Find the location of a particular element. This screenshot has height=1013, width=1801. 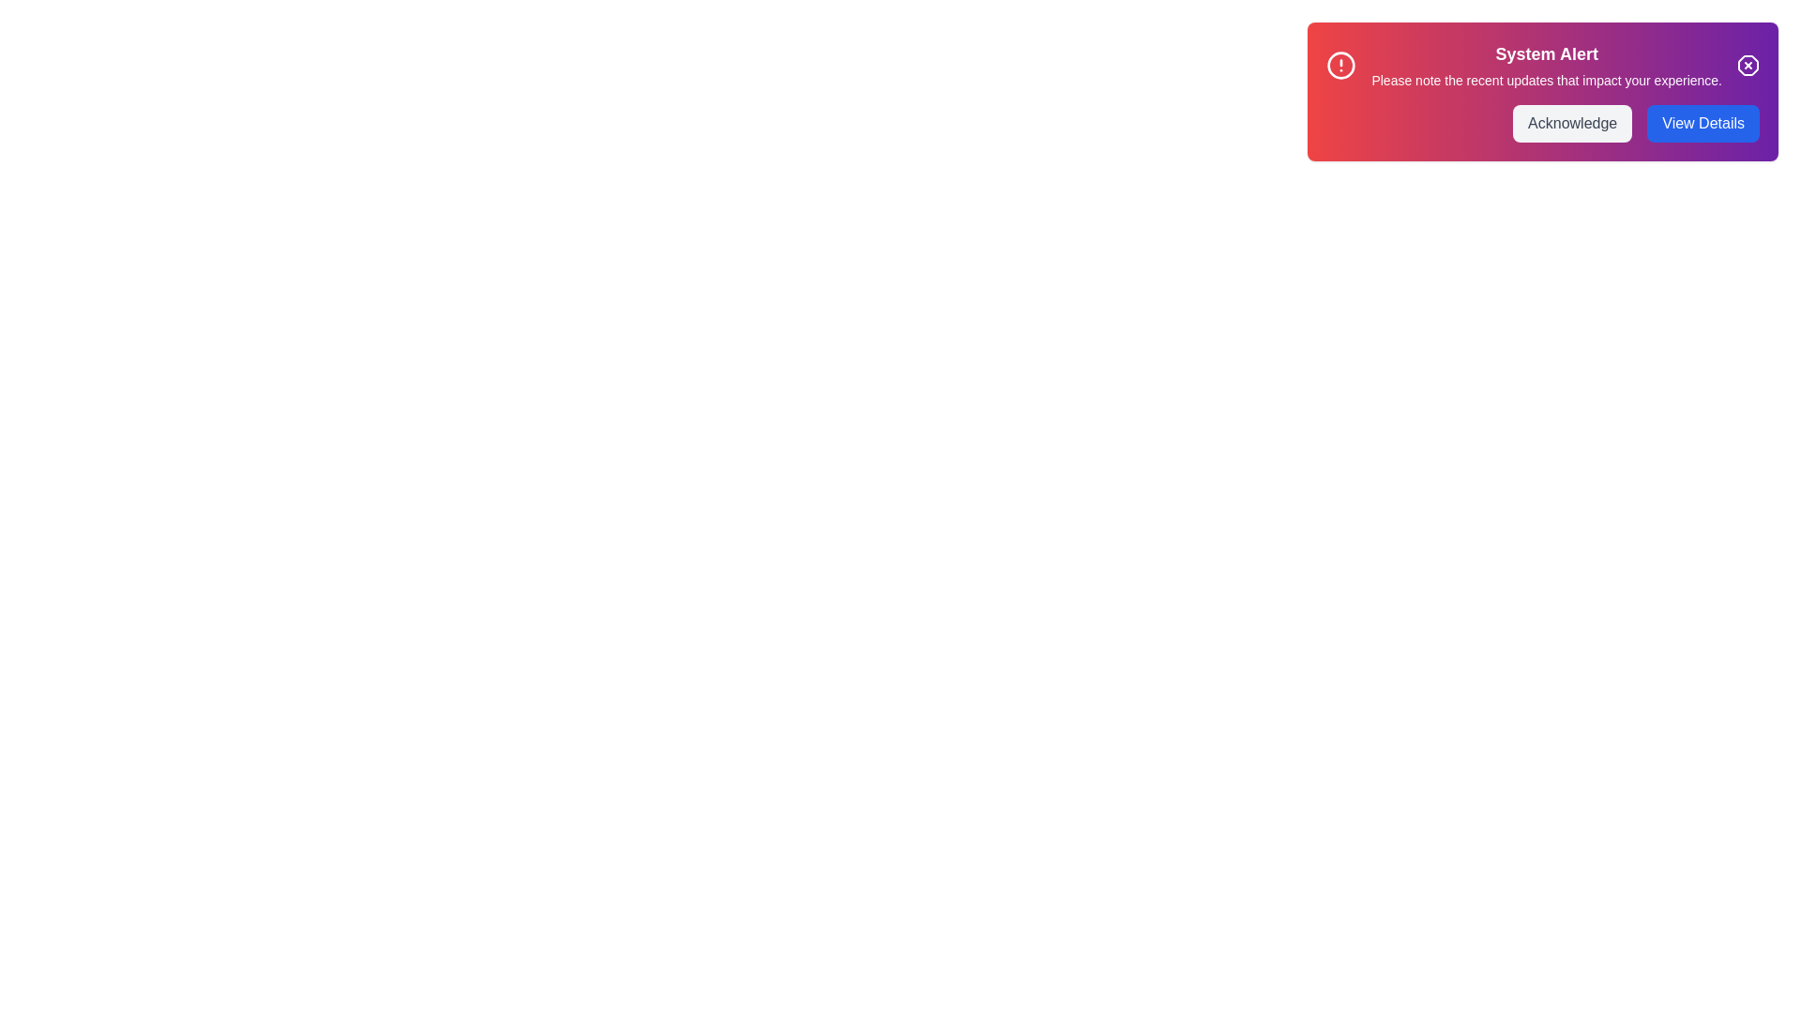

the icon at the left of the alert to inspect it is located at coordinates (1340, 64).